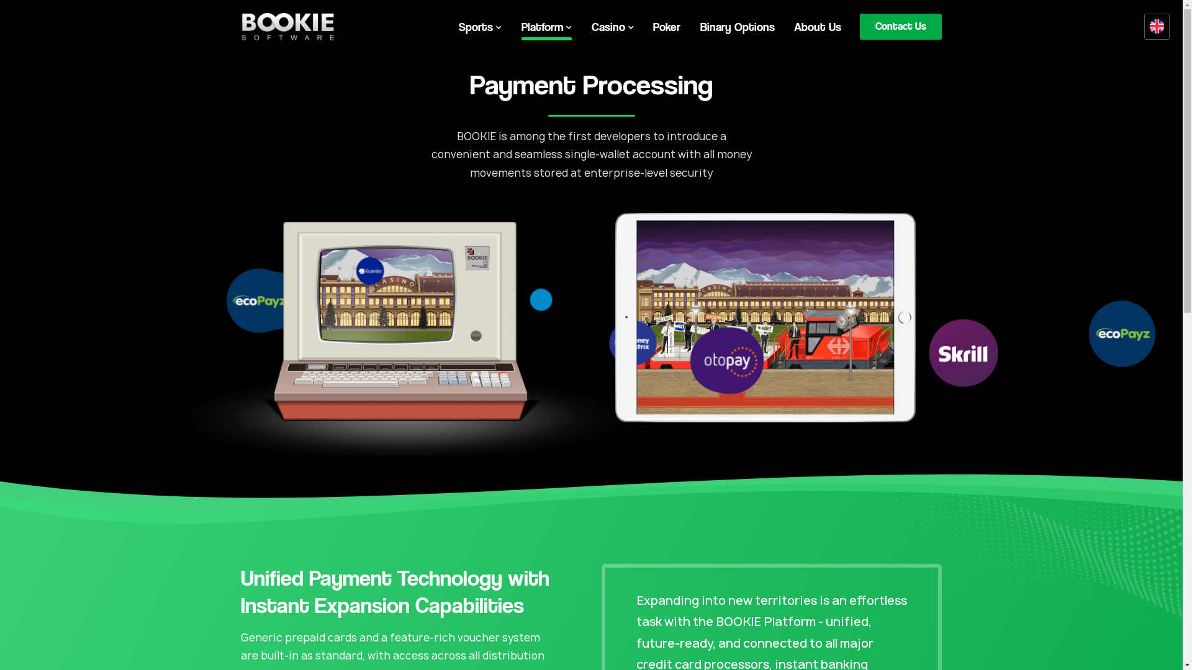  Describe the element at coordinates (497, 24) in the screenshot. I see `'Platform'` at that location.